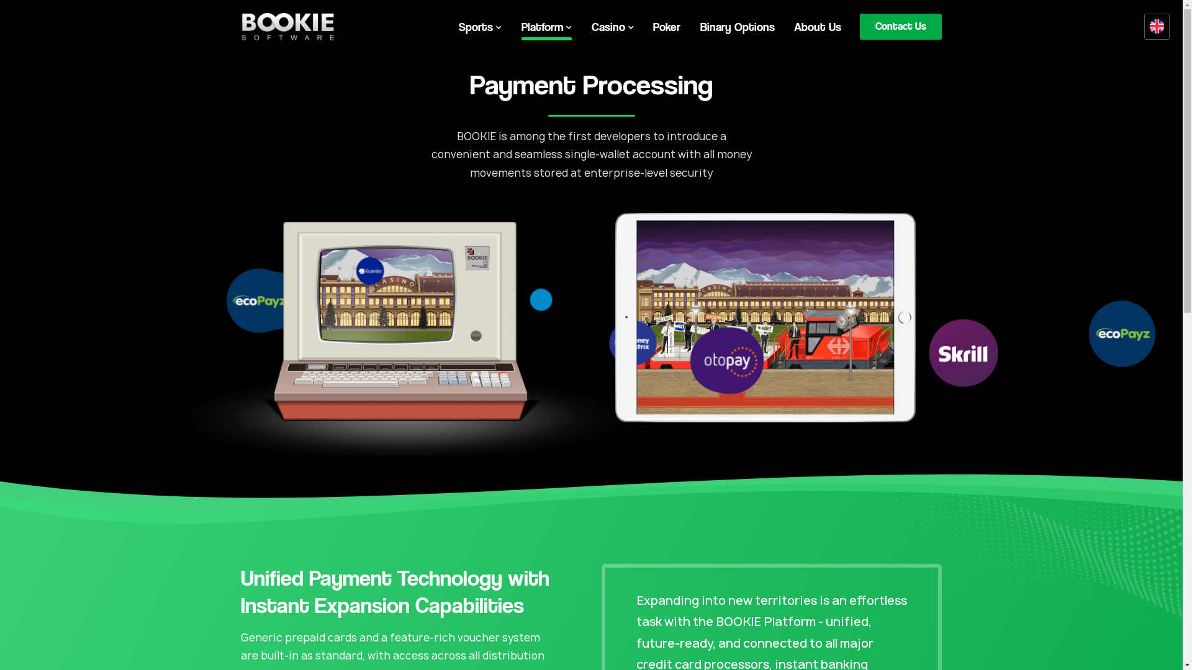  Describe the element at coordinates (497, 24) in the screenshot. I see `'Platform'` at that location.